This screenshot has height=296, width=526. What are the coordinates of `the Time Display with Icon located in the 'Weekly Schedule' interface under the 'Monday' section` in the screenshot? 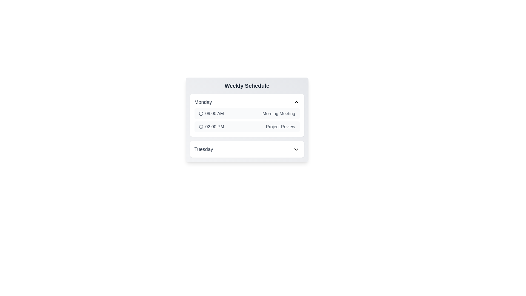 It's located at (211, 127).